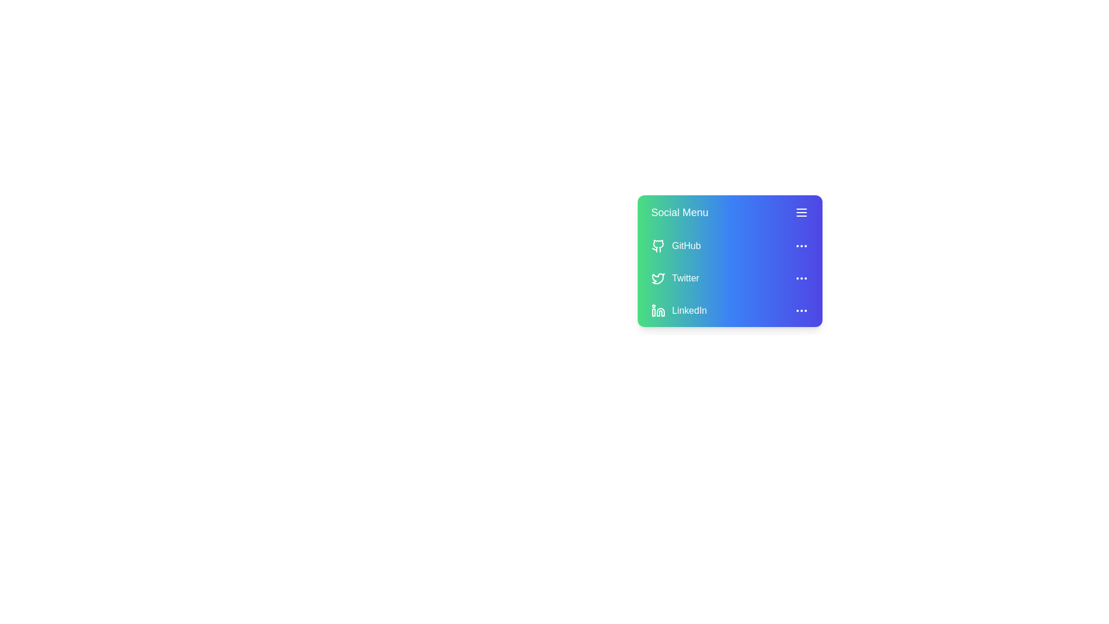  I want to click on the text element Twitter for selection or copying, so click(729, 278).